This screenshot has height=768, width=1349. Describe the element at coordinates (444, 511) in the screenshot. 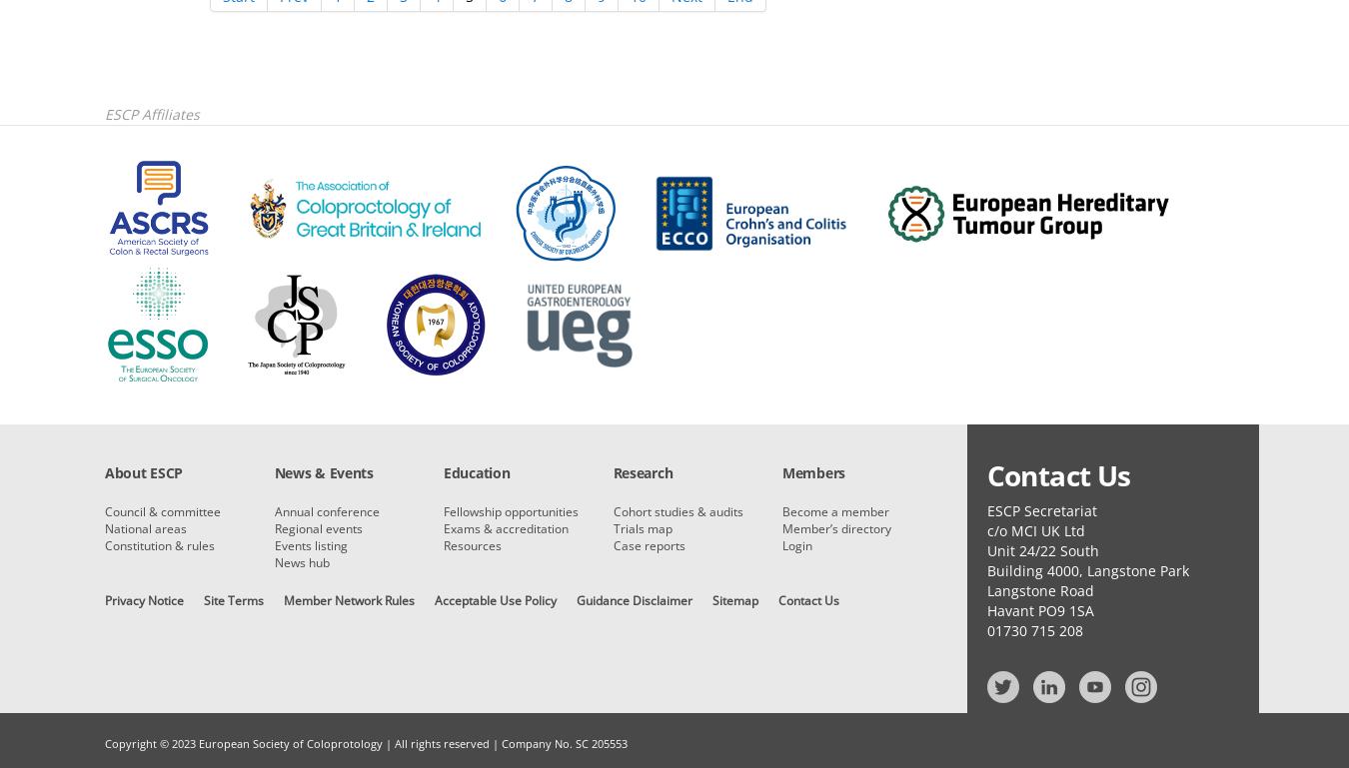

I see `'Fellowship opportunities'` at that location.